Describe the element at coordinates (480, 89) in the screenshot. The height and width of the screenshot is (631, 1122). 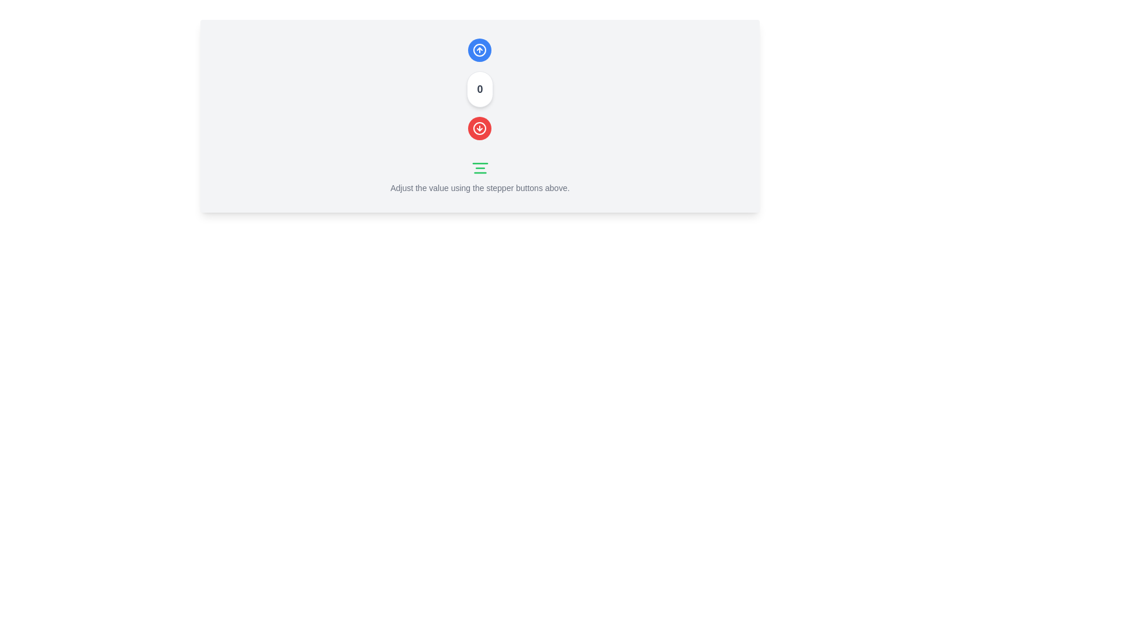
I see `displayed value from the vertically aligned interactive control panel that includes an increment button at the top, a value display in the middle, and a decrement button at the bottom` at that location.